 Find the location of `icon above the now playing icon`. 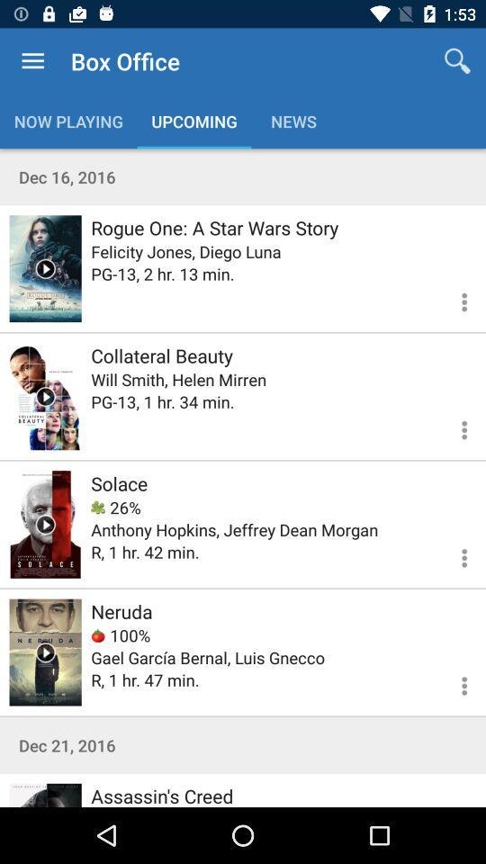

icon above the now playing icon is located at coordinates (32, 61).